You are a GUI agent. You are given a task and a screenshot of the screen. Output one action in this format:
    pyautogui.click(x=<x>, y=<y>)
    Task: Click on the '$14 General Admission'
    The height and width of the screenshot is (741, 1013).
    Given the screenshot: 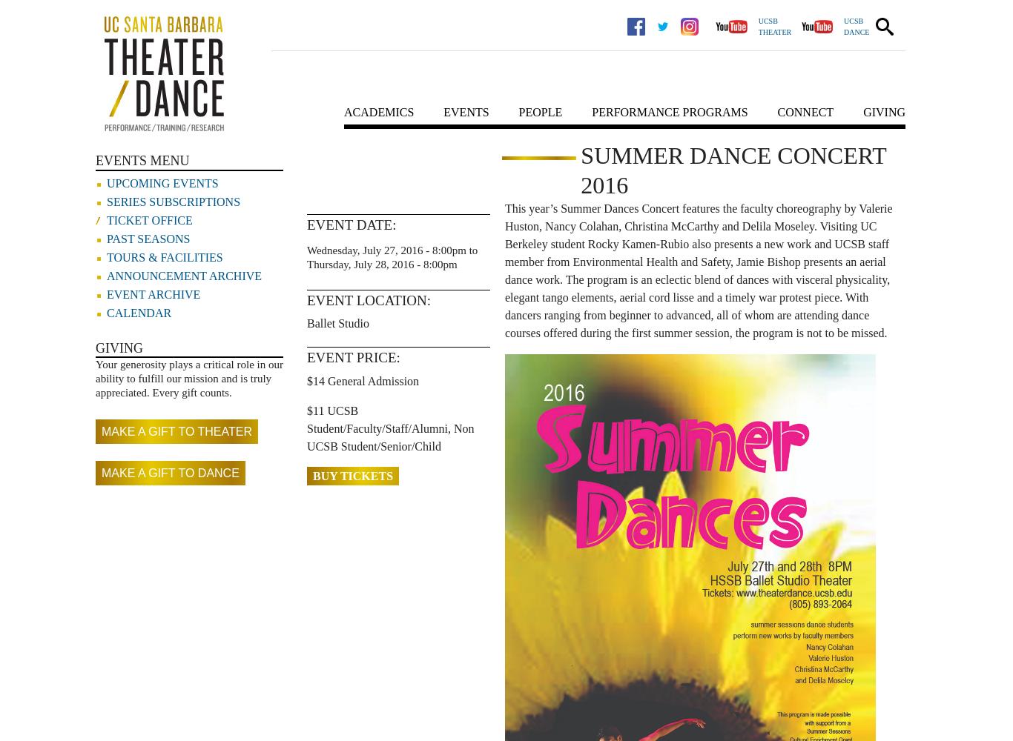 What is the action you would take?
    pyautogui.click(x=363, y=380)
    